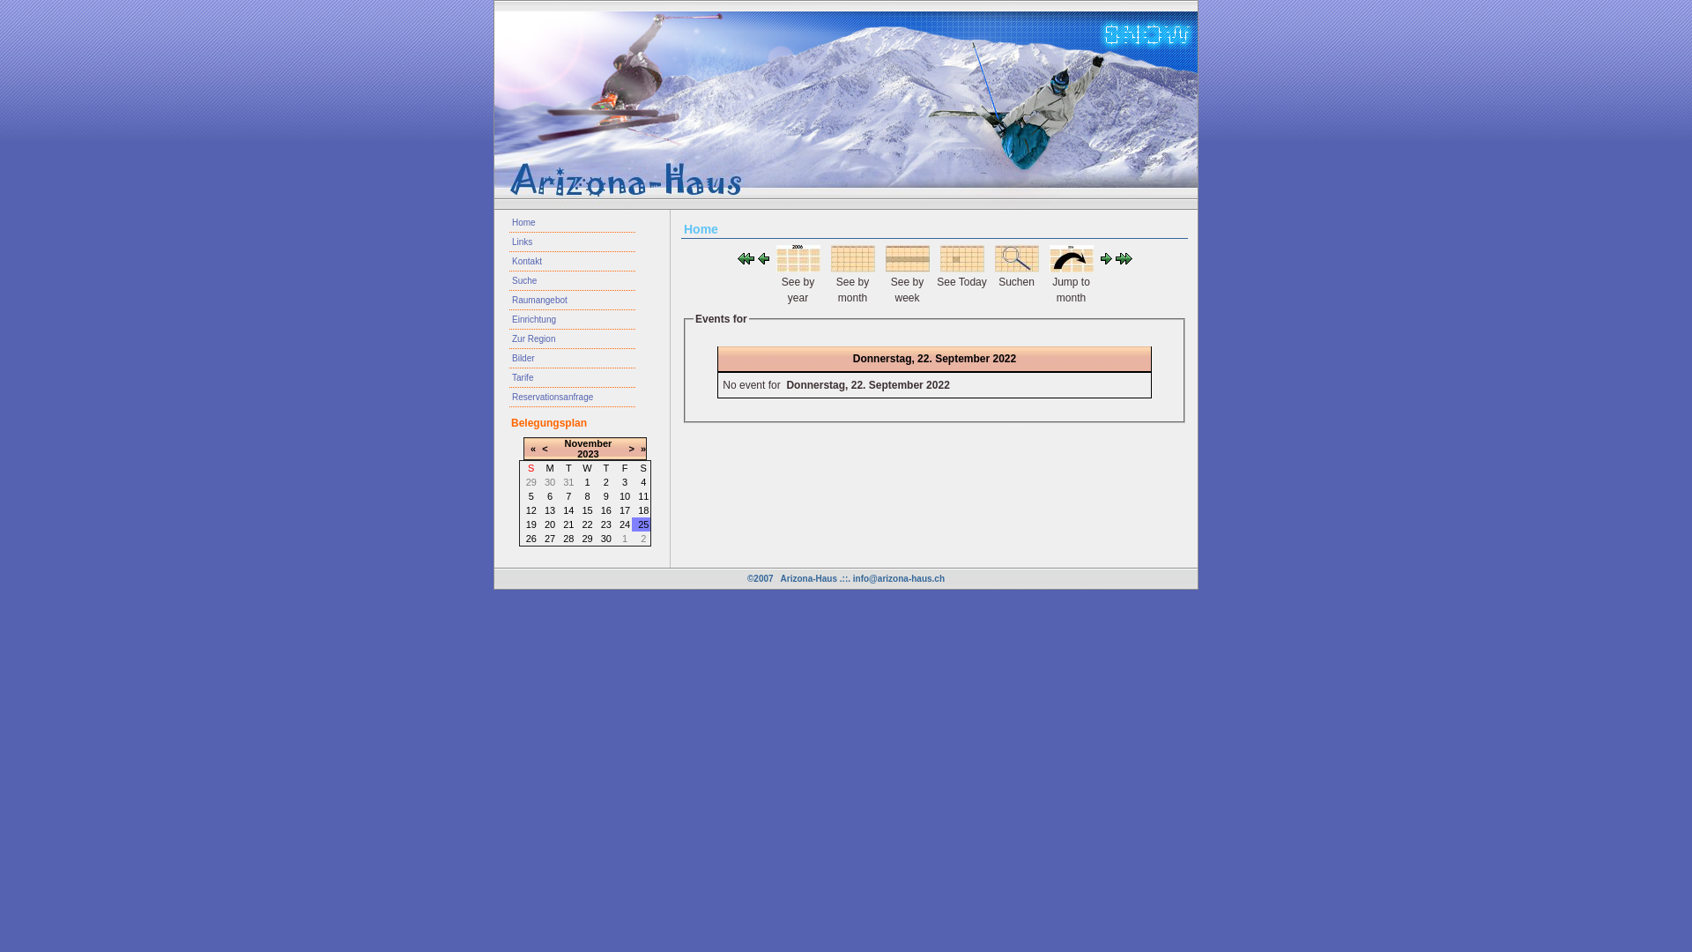  Describe the element at coordinates (605, 523) in the screenshot. I see `'23'` at that location.